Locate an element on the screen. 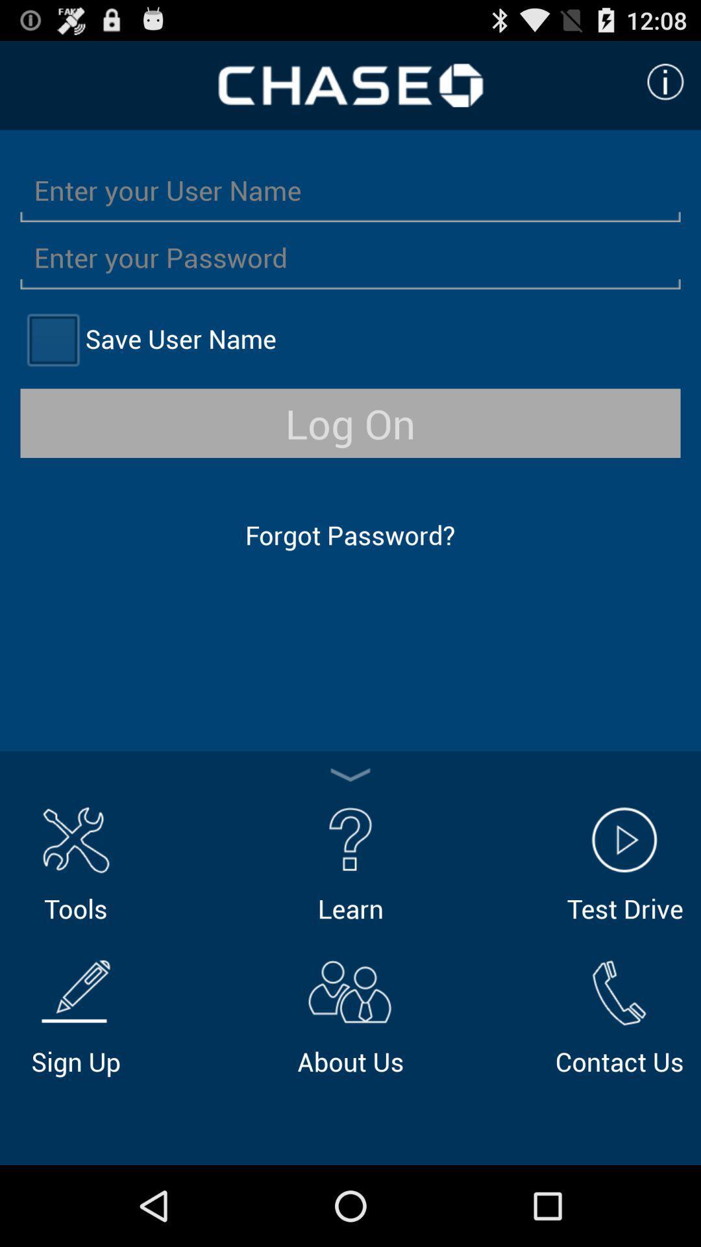 This screenshot has width=701, height=1247. the icon to the left of about us is located at coordinates (75, 1014).